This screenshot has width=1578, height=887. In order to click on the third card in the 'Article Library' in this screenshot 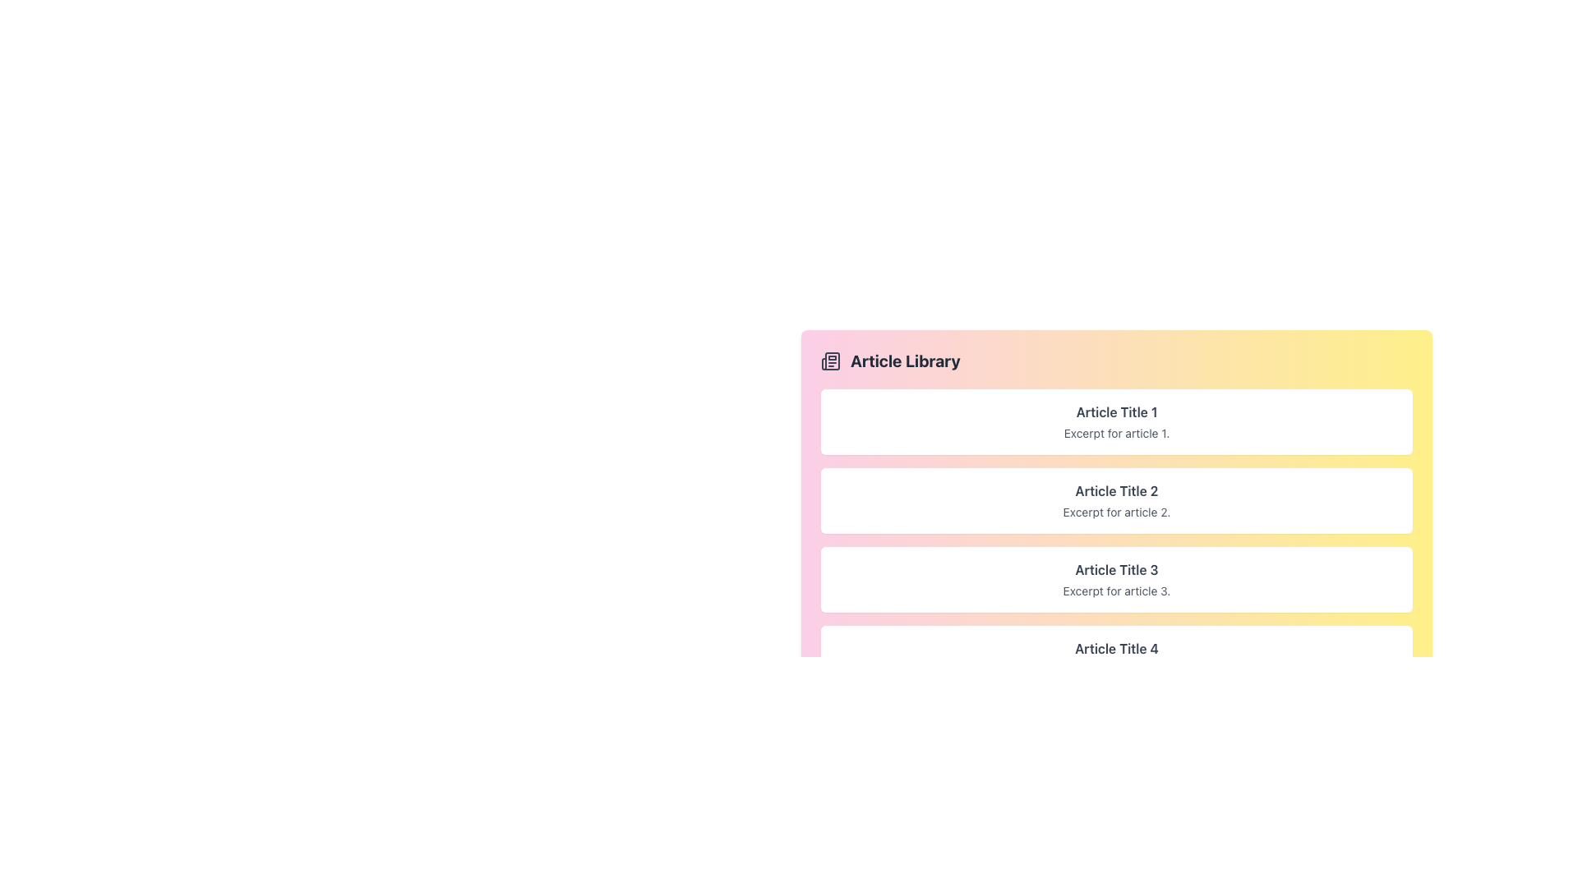, I will do `click(1116, 578)`.